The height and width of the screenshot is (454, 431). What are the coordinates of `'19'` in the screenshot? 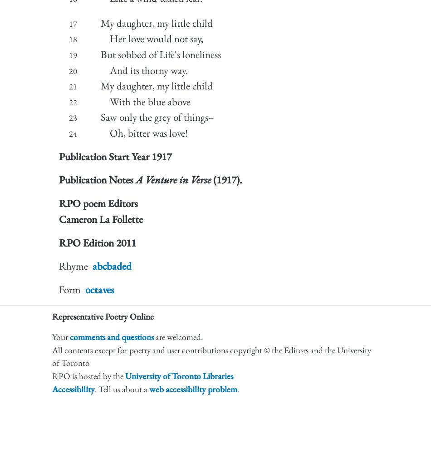 It's located at (73, 54).